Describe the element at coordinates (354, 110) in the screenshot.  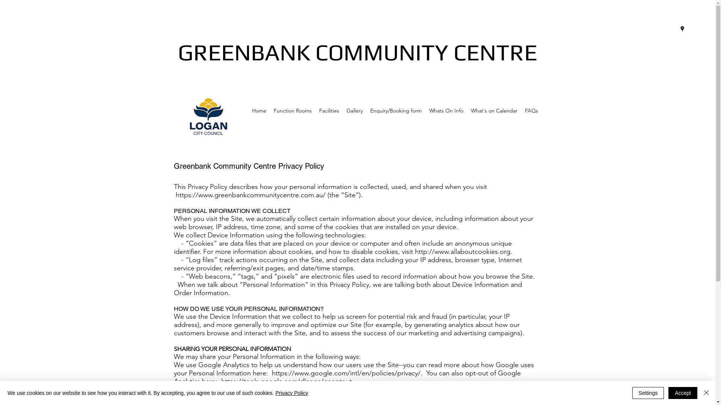
I see `'Gallery'` at that location.